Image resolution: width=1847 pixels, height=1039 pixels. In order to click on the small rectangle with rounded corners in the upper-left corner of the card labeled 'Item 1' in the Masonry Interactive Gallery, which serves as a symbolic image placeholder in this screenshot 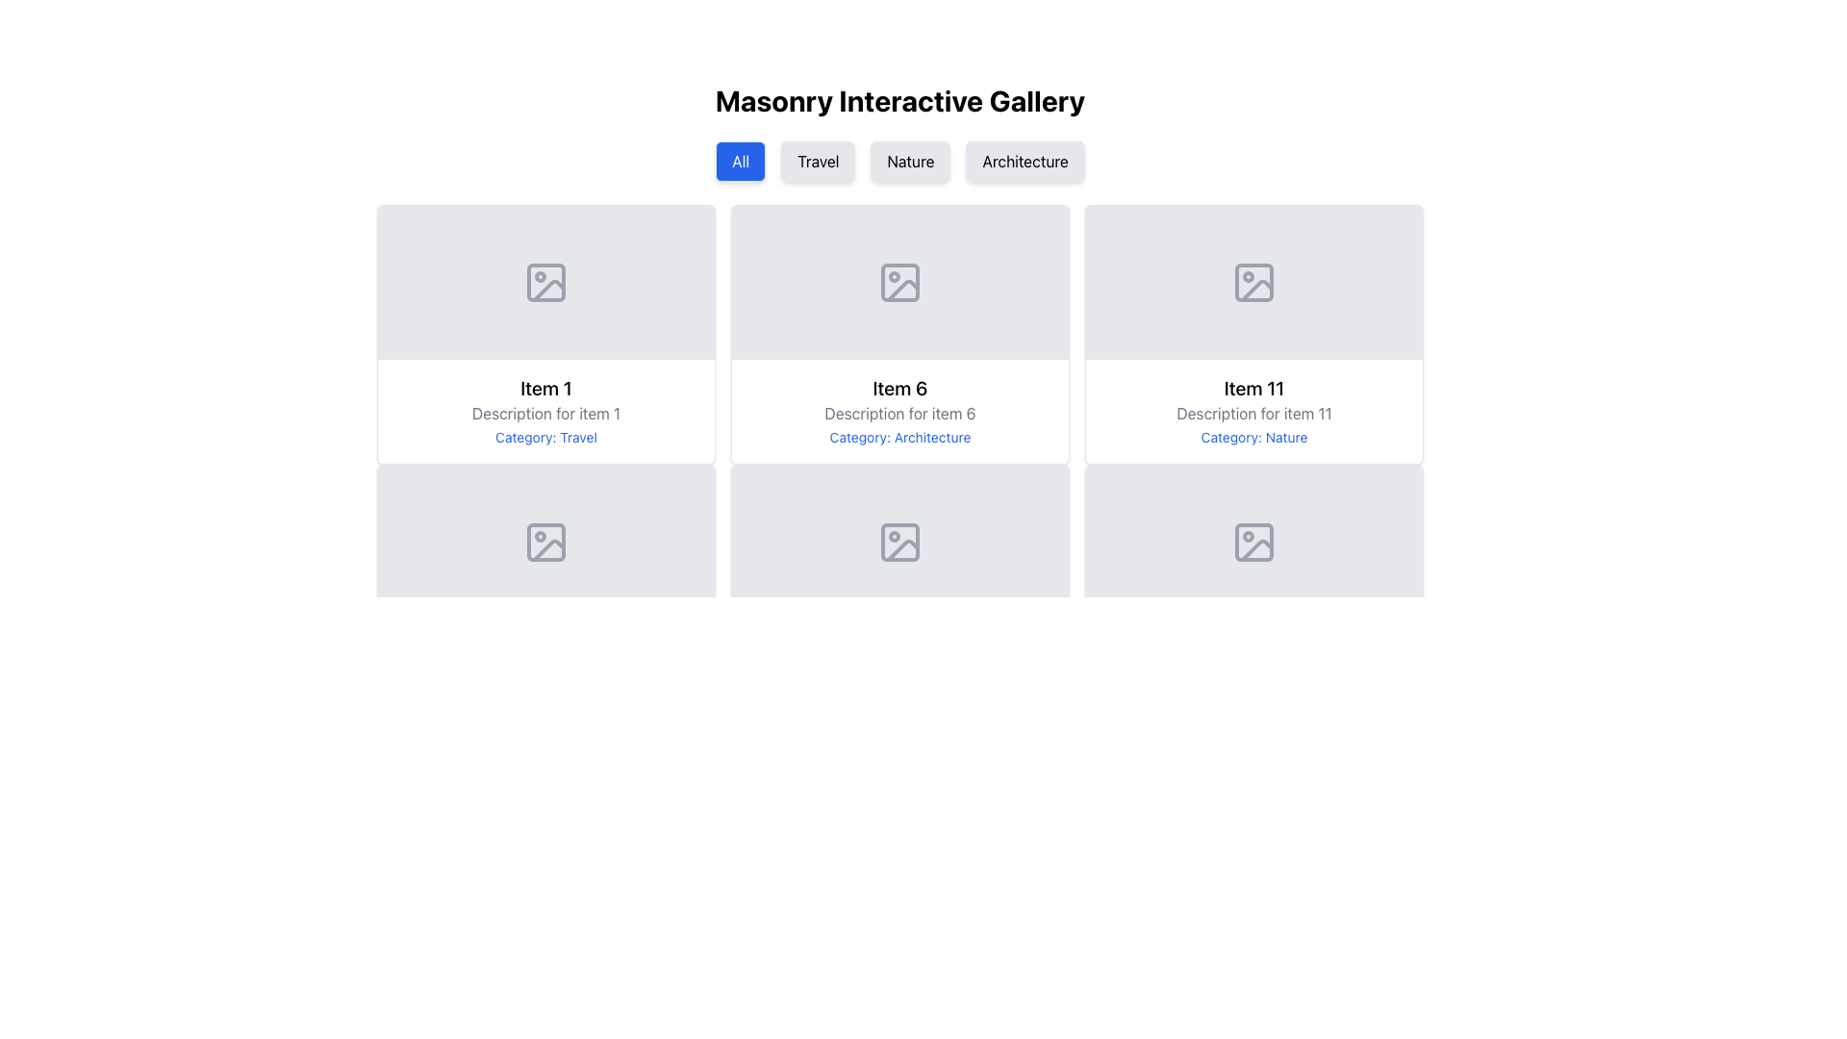, I will do `click(544, 282)`.